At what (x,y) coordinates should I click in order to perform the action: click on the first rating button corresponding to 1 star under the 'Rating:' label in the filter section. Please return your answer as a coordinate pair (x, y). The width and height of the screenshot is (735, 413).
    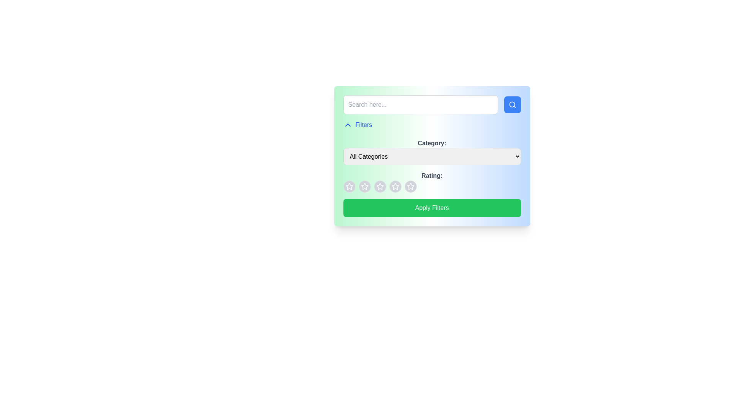
    Looking at the image, I should click on (349, 187).